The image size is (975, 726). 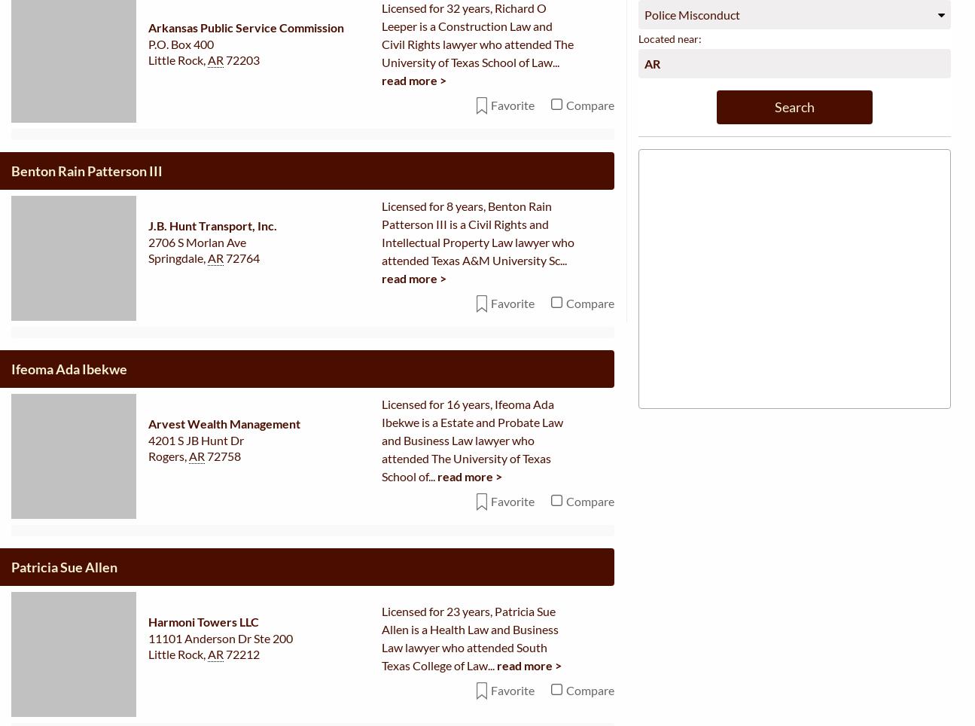 I want to click on 'Lawyer Insights', so click(x=792, y=558).